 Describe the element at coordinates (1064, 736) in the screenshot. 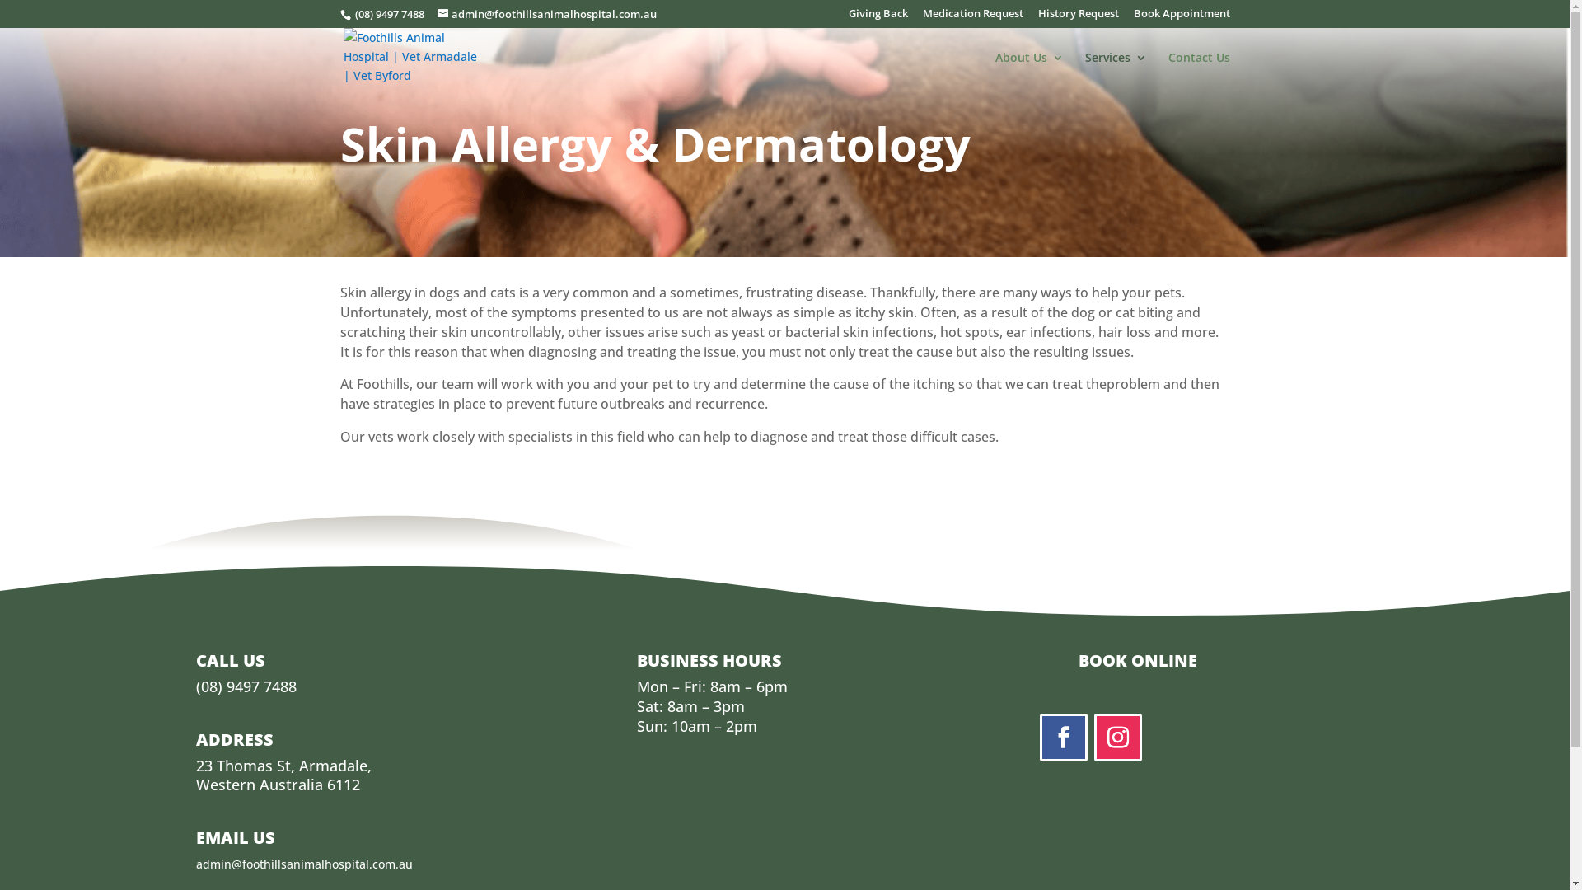

I see `'Follow on Facebook'` at that location.